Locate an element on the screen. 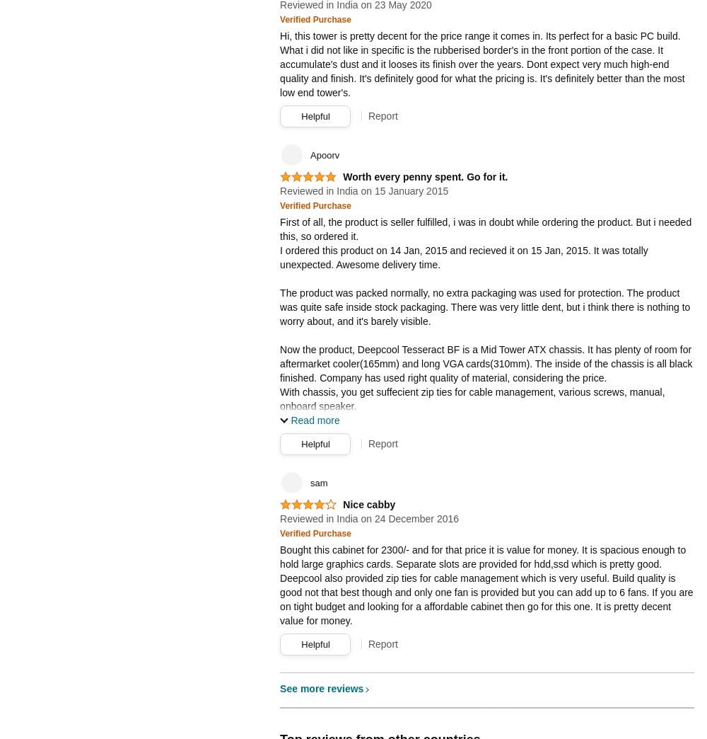 This screenshot has width=707, height=739. '5.0 out of 5 stars' is located at coordinates (306, 182).